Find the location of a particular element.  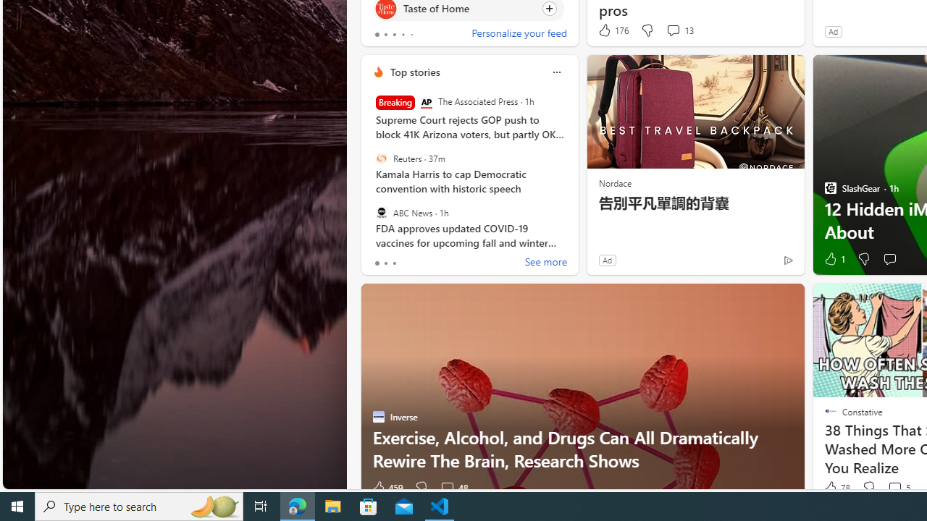

'View comments 5 Comment' is located at coordinates (894, 487).